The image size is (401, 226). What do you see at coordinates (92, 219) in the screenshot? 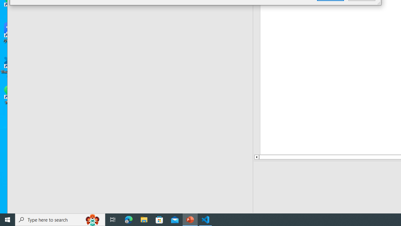
I see `'Search highlights icon opens search home window'` at bounding box center [92, 219].